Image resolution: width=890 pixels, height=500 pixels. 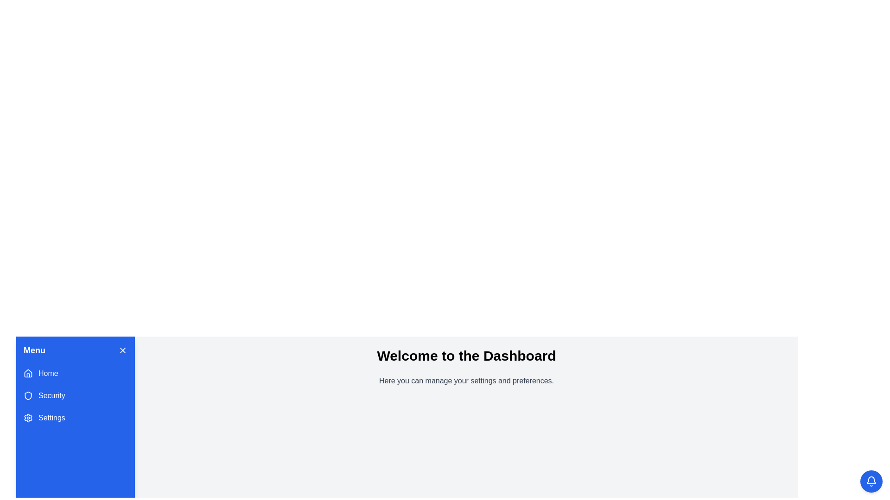 What do you see at coordinates (76, 418) in the screenshot?
I see `the 'Settings' menu item in the blue sidebar` at bounding box center [76, 418].